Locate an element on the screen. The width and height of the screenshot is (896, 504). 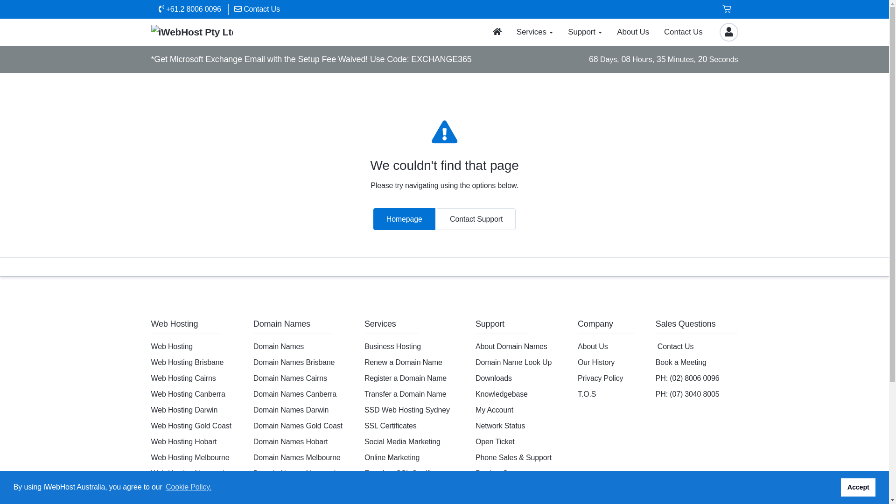
'Homepage' is located at coordinates (404, 219).